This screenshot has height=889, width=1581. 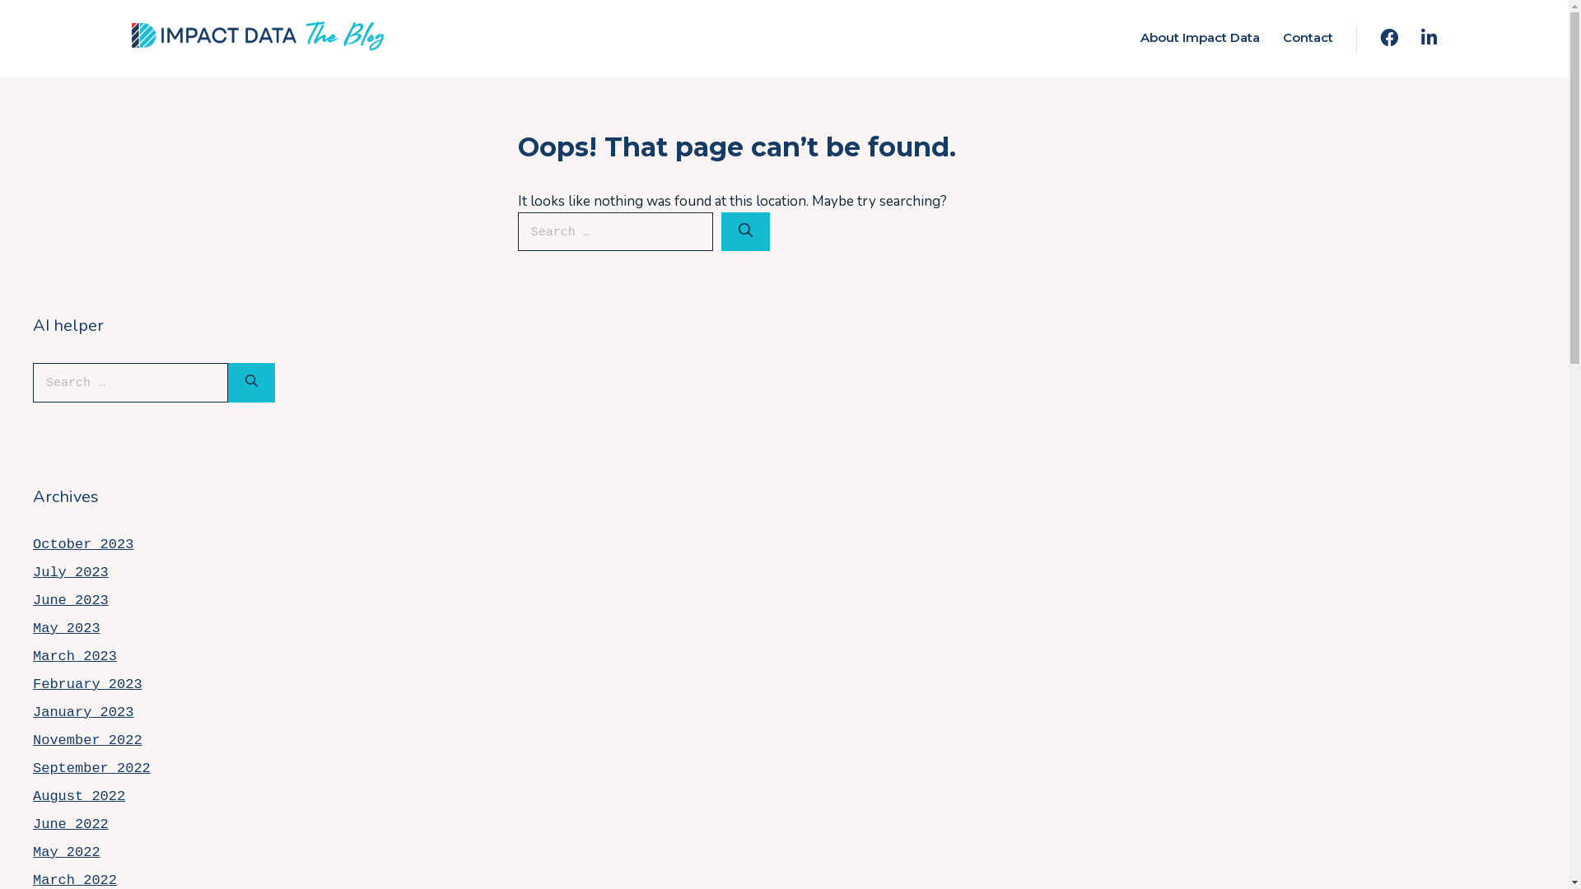 What do you see at coordinates (74, 879) in the screenshot?
I see `'March 2022'` at bounding box center [74, 879].